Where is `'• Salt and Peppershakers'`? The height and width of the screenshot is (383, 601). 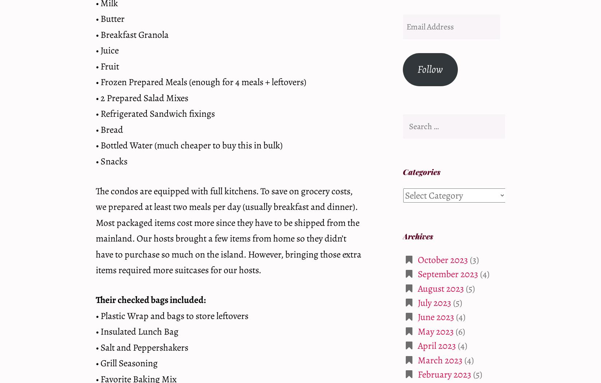 '• Salt and Peppershakers' is located at coordinates (142, 347).